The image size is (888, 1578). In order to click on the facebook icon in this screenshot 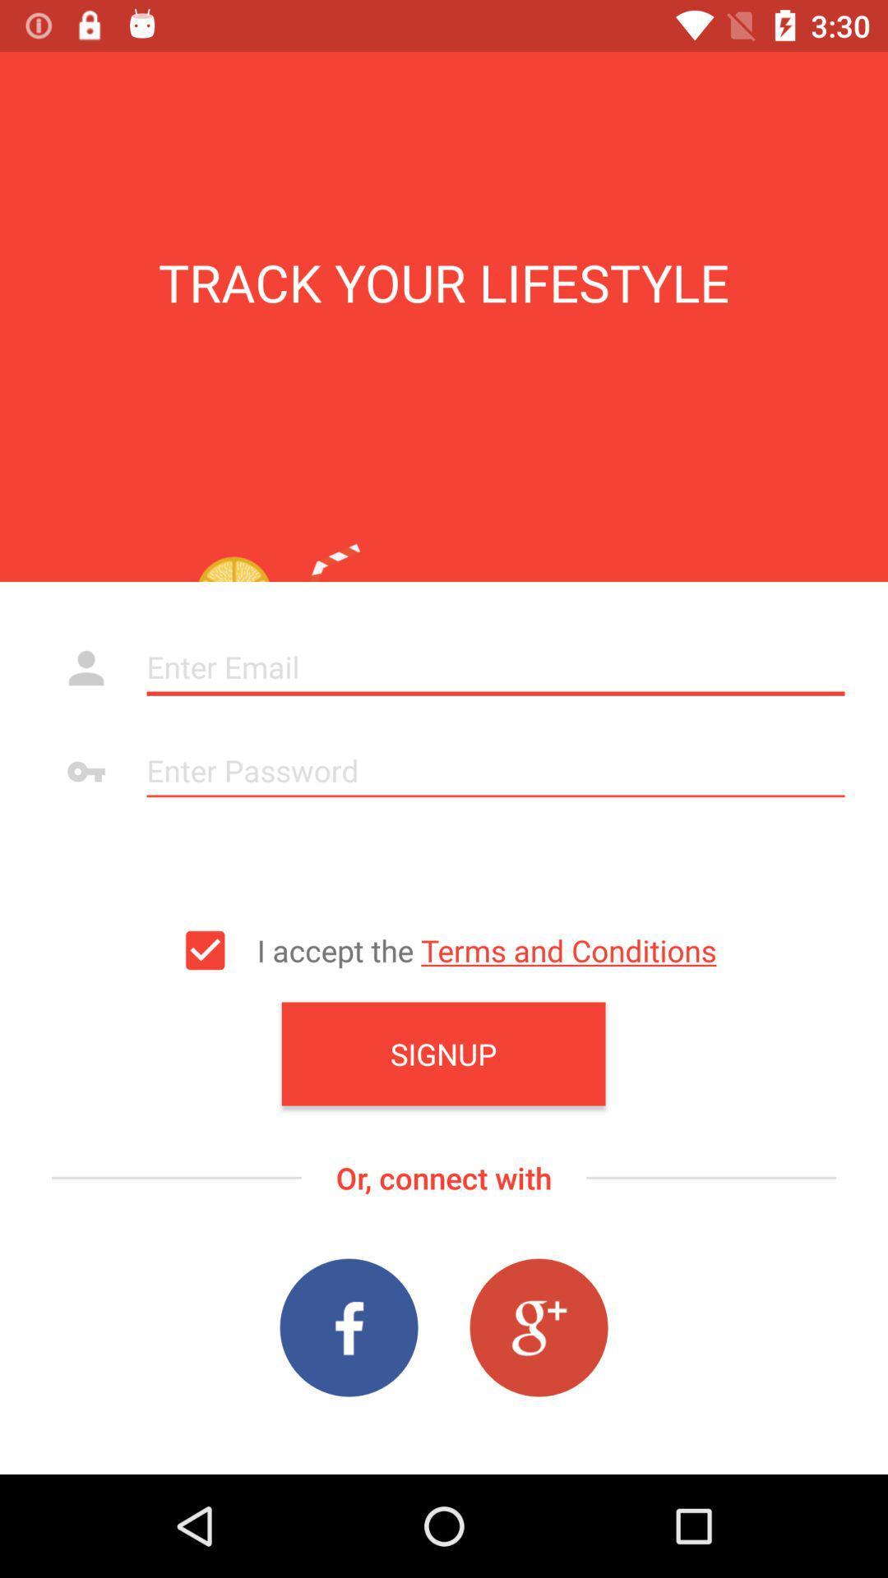, I will do `click(348, 1327)`.